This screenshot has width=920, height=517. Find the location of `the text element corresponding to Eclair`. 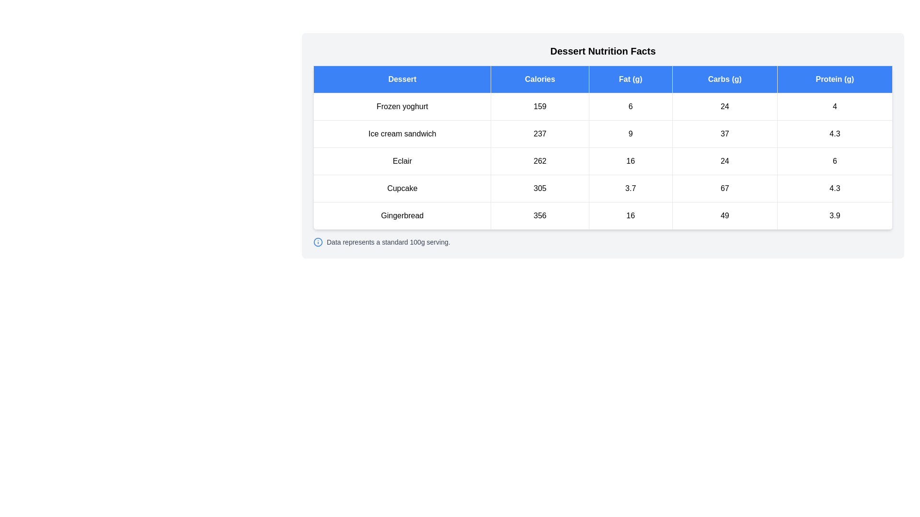

the text element corresponding to Eclair is located at coordinates (402, 160).